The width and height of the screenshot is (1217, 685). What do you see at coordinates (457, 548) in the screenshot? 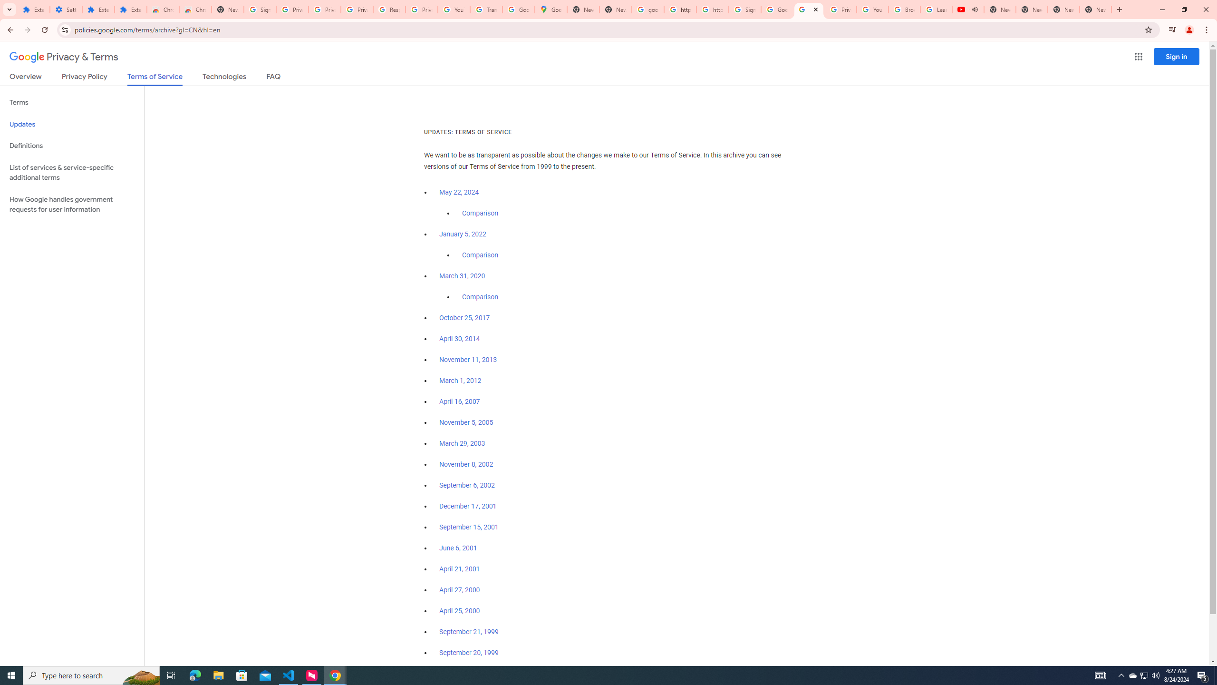
I see `'June 6, 2001'` at bounding box center [457, 548].